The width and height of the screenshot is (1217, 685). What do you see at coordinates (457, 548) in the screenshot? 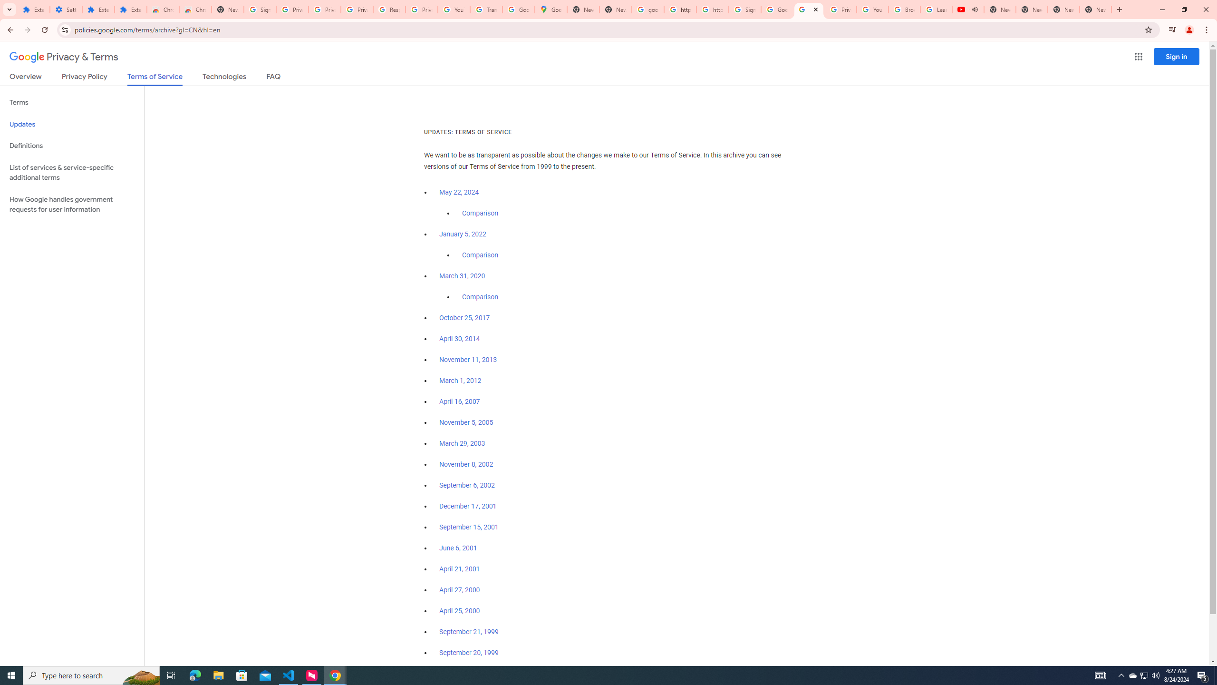
I see `'June 6, 2001'` at bounding box center [457, 548].